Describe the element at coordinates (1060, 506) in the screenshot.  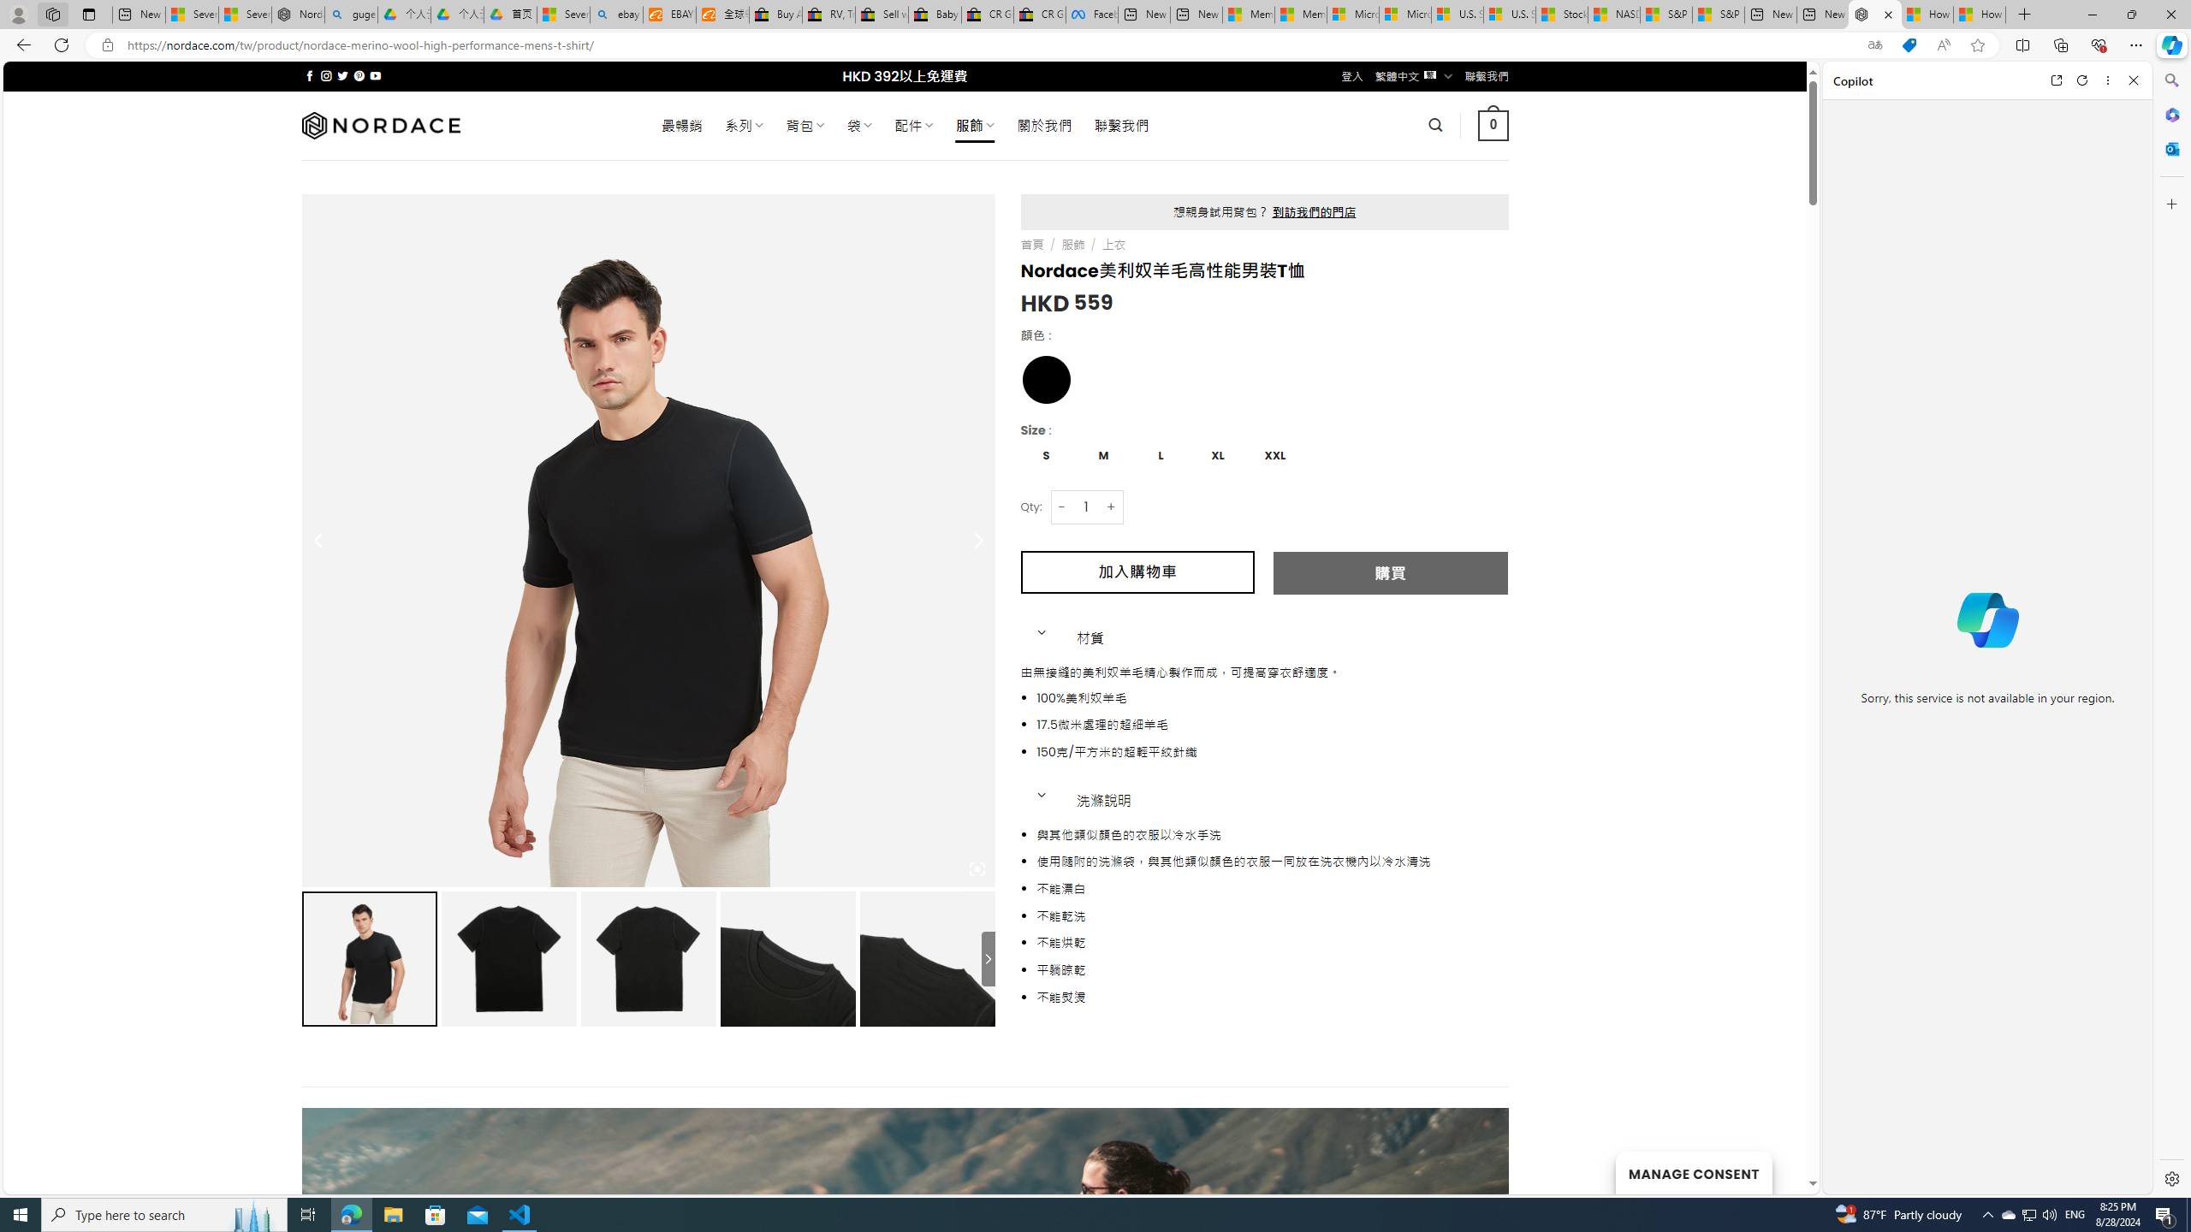
I see `'-'` at that location.